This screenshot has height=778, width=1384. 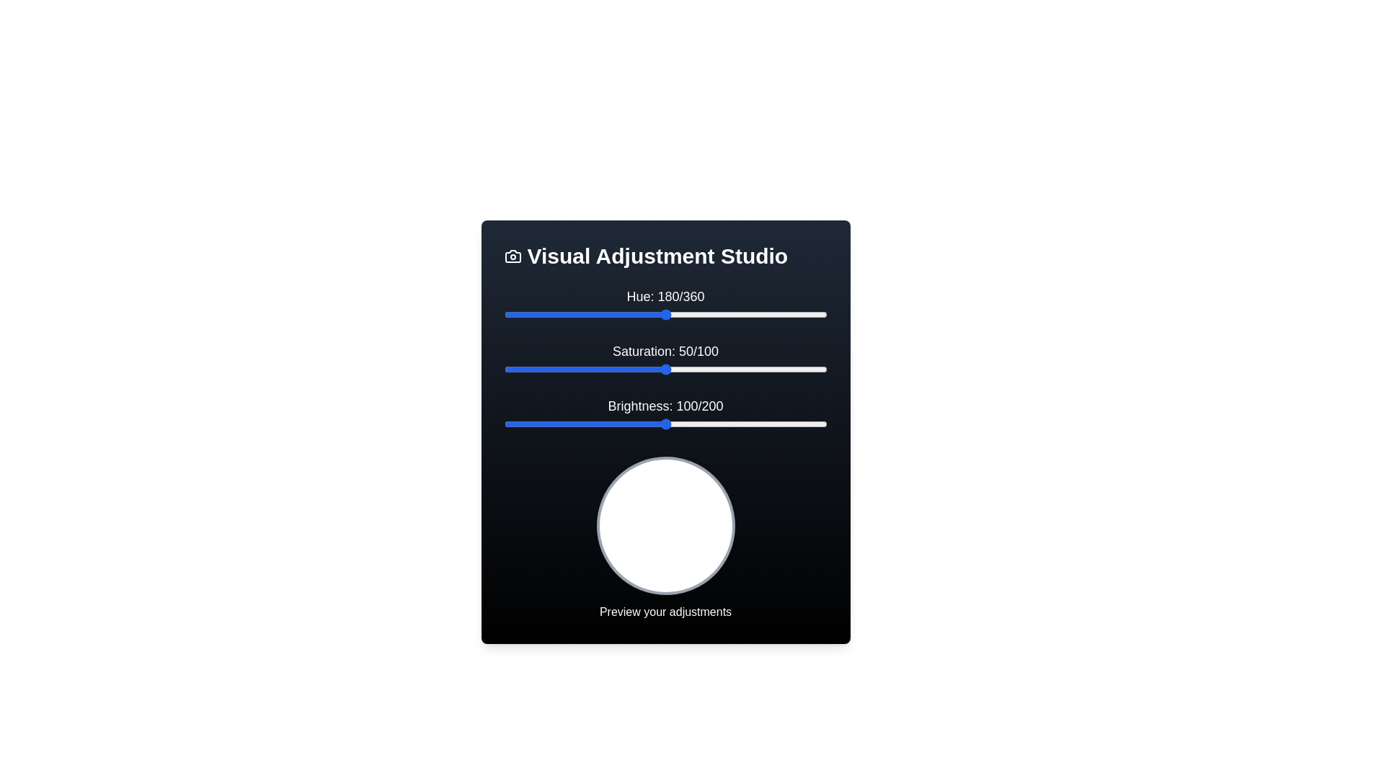 I want to click on the 'Hue' slider to 287 by dragging the slider, so click(x=760, y=313).